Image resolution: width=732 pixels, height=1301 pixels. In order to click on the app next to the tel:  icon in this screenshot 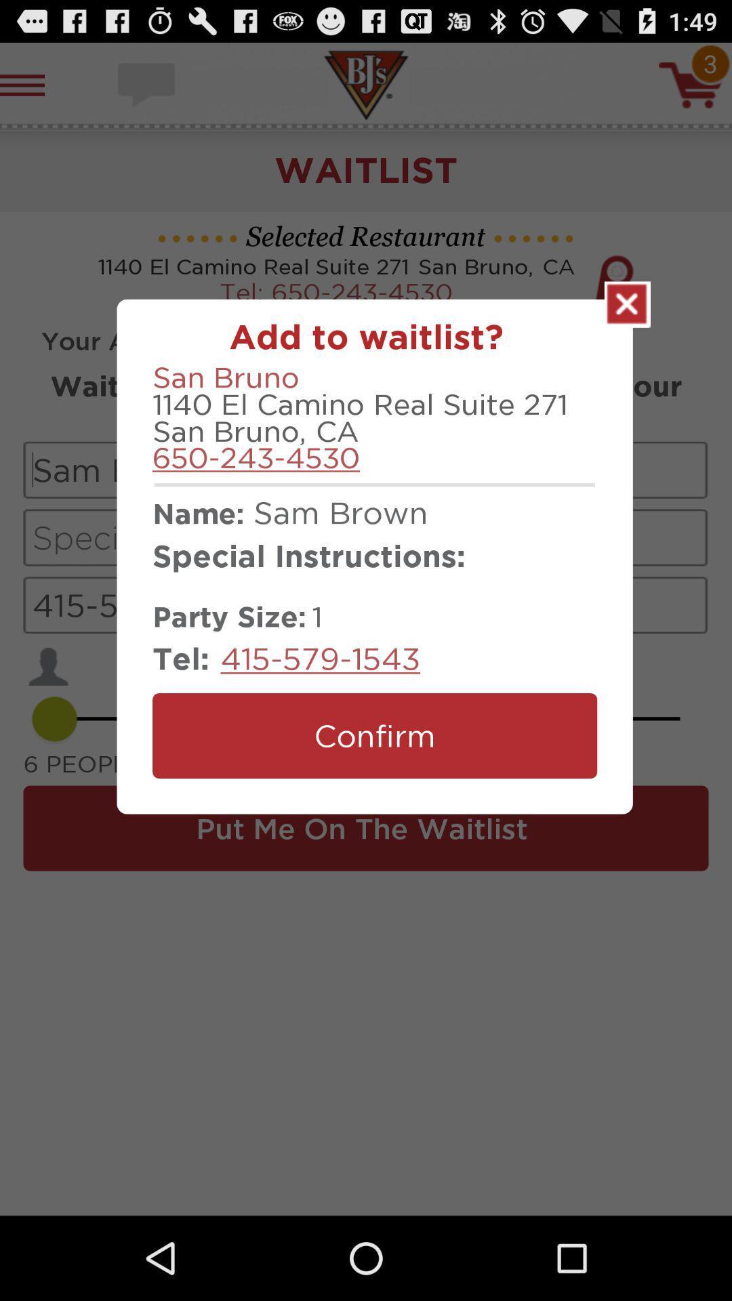, I will do `click(320, 658)`.